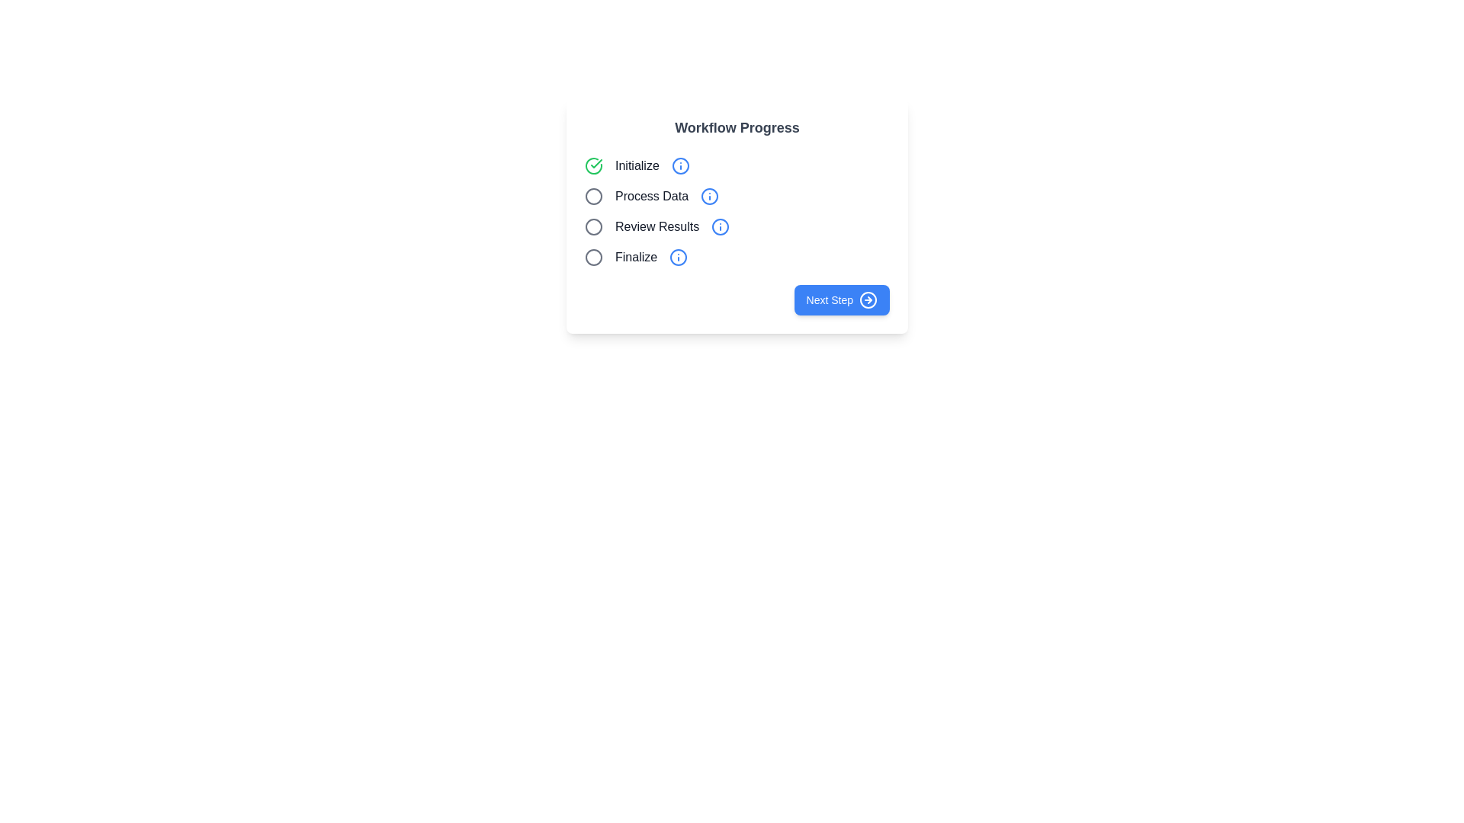 This screenshot has height=823, width=1464. I want to click on the information icons located within the Progress Tracker of the 'Workflow Progress' panel, so click(737, 211).